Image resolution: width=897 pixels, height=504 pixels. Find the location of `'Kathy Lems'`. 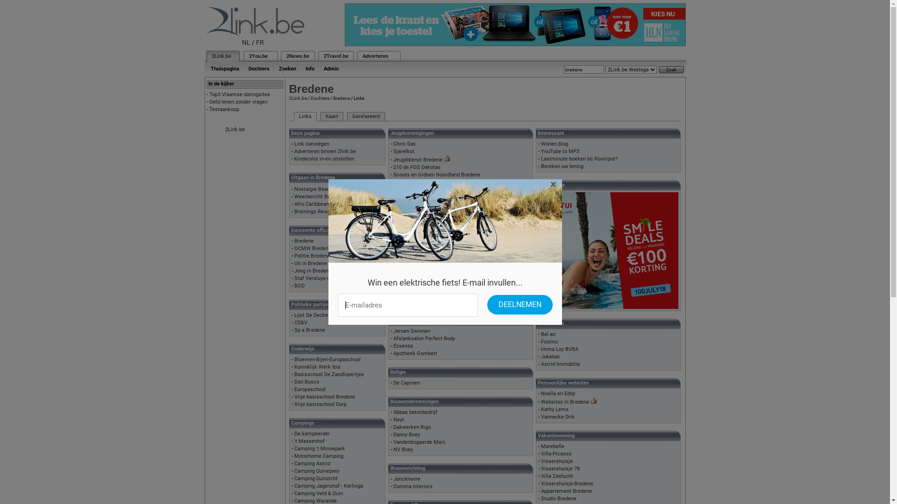

'Kathy Lems' is located at coordinates (555, 409).